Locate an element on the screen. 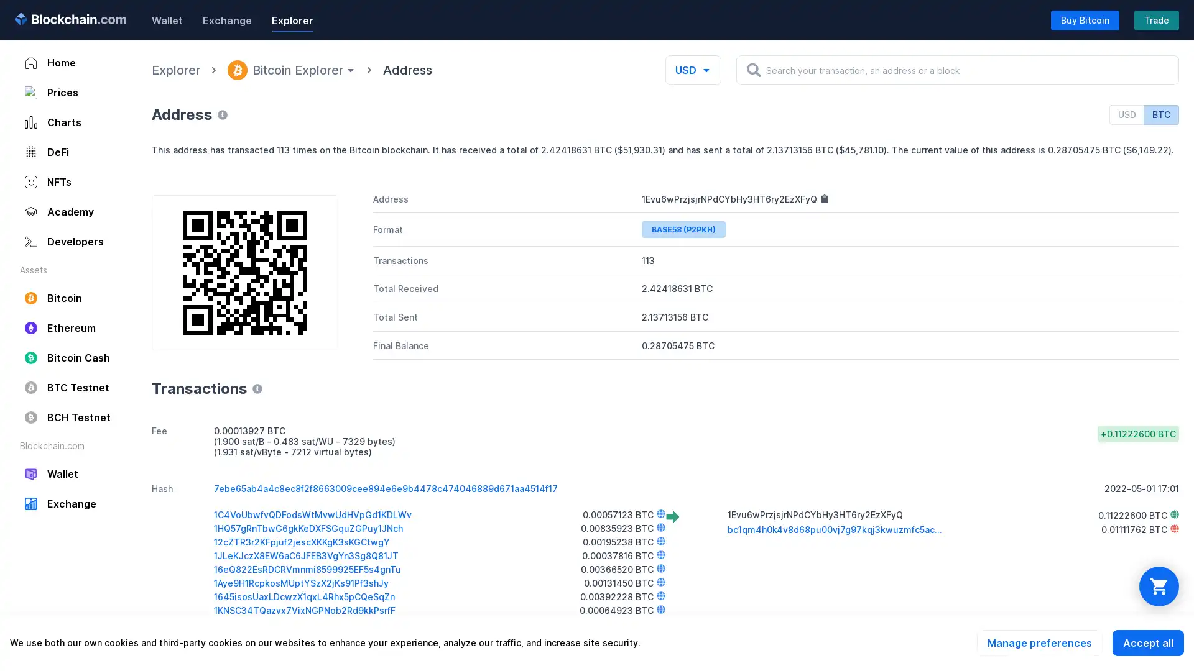 This screenshot has width=1194, height=671. alternating coins is located at coordinates (1158, 587).